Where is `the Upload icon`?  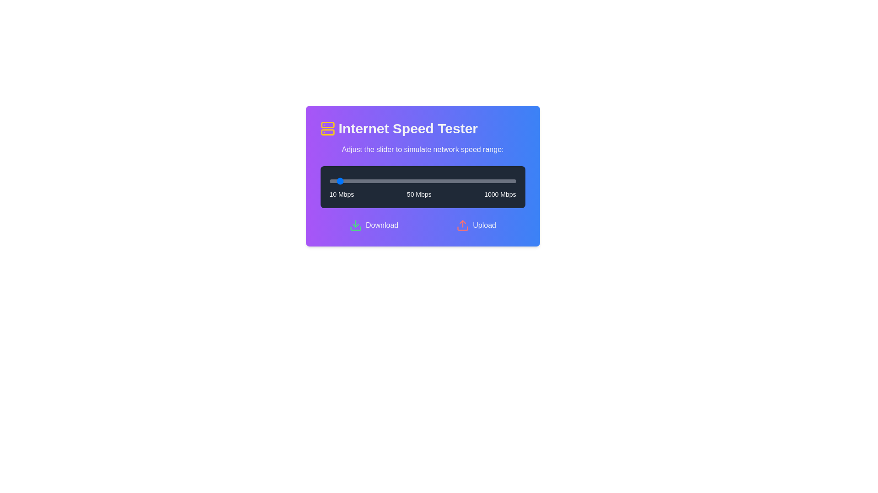
the Upload icon is located at coordinates (463, 225).